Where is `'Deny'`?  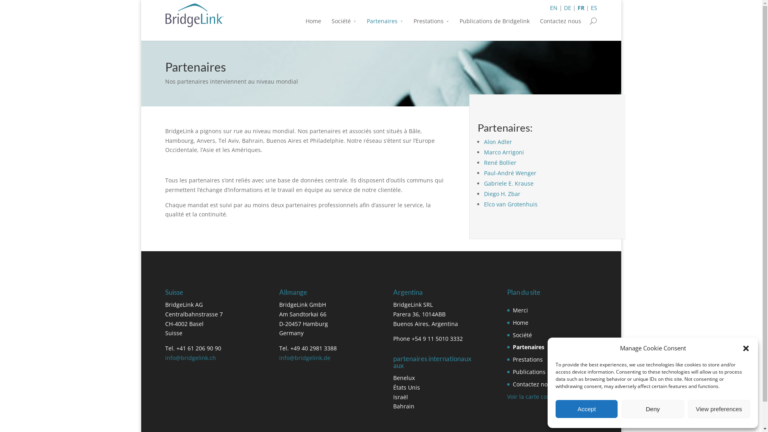
'Deny' is located at coordinates (652, 409).